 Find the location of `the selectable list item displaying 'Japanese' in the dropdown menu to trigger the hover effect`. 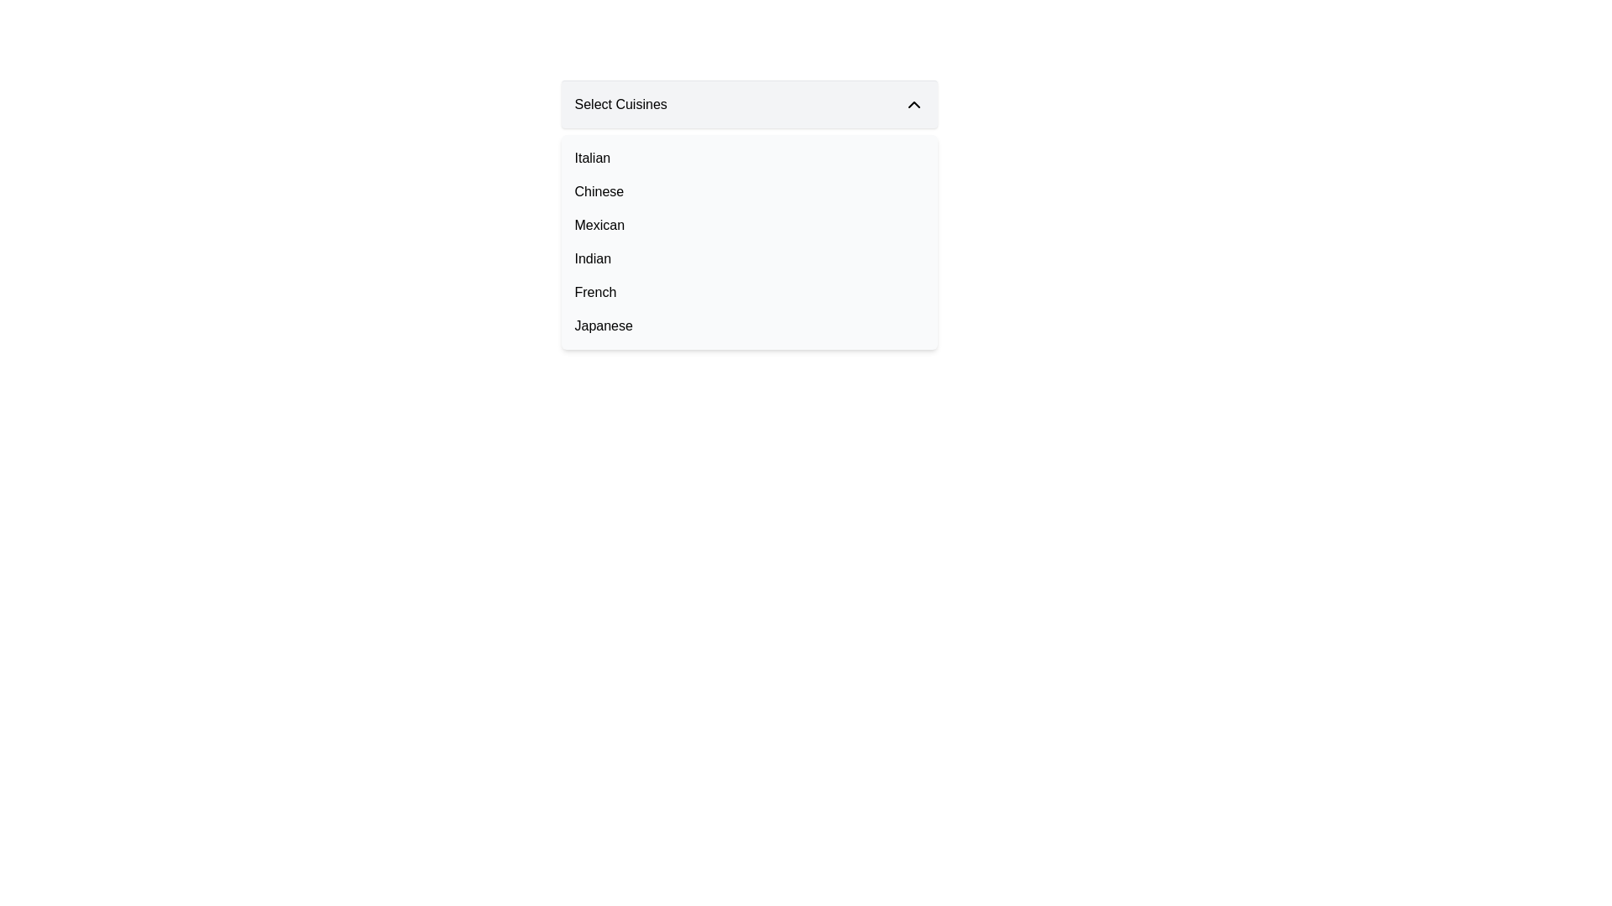

the selectable list item displaying 'Japanese' in the dropdown menu to trigger the hover effect is located at coordinates (748, 326).